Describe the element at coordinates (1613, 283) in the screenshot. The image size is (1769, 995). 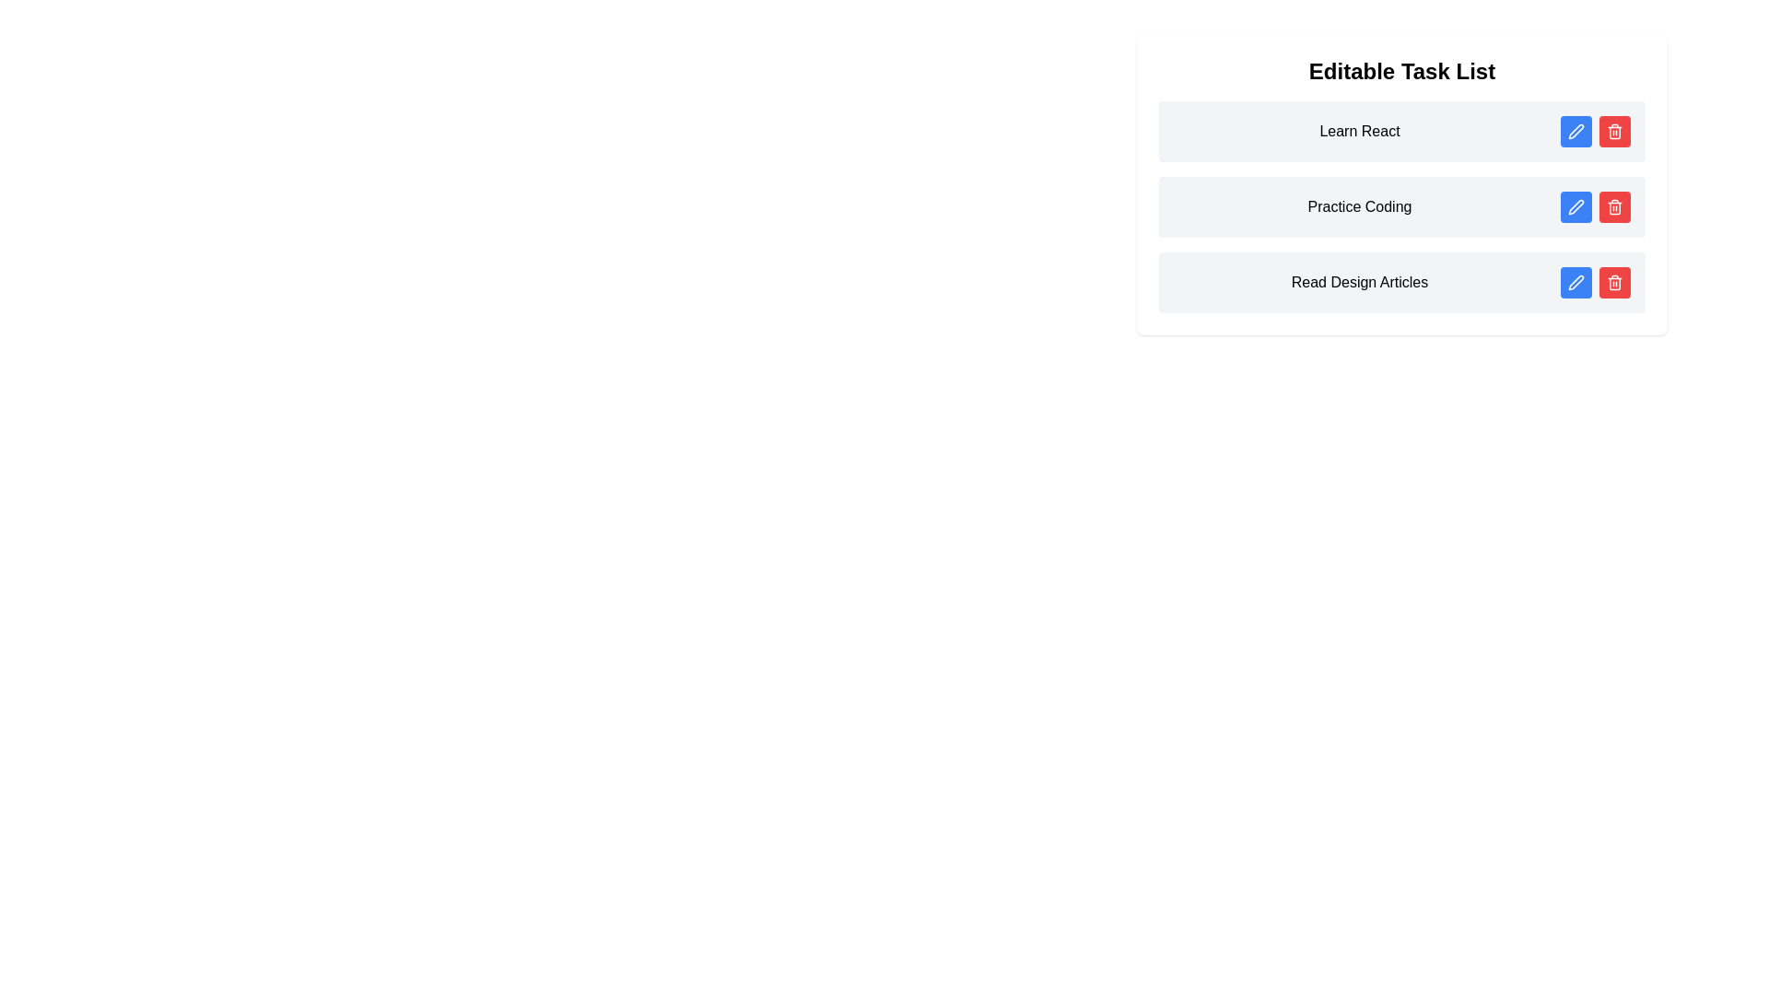
I see `the red button with a trash bin icon` at that location.